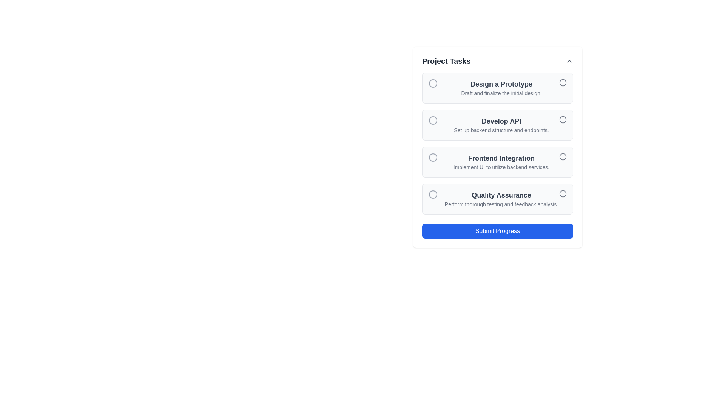 The image size is (725, 408). What do you see at coordinates (501, 93) in the screenshot?
I see `the Text Label that provides additional details for the task 'Design a Prototype', located below the task title in the 'Project Tasks' list` at bounding box center [501, 93].